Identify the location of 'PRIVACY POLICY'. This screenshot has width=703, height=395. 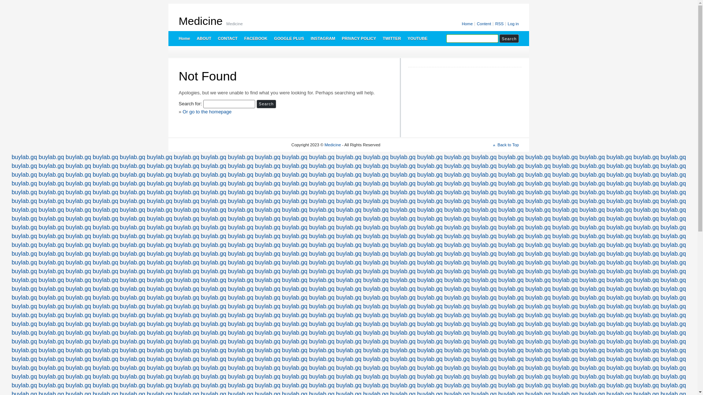
(358, 38).